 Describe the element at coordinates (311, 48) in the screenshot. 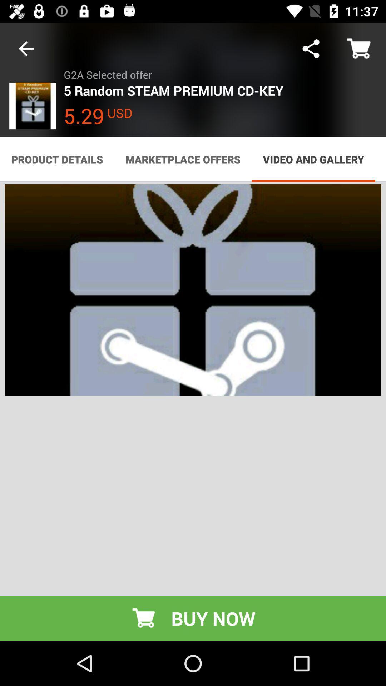

I see `icon above 5 random steam item` at that location.